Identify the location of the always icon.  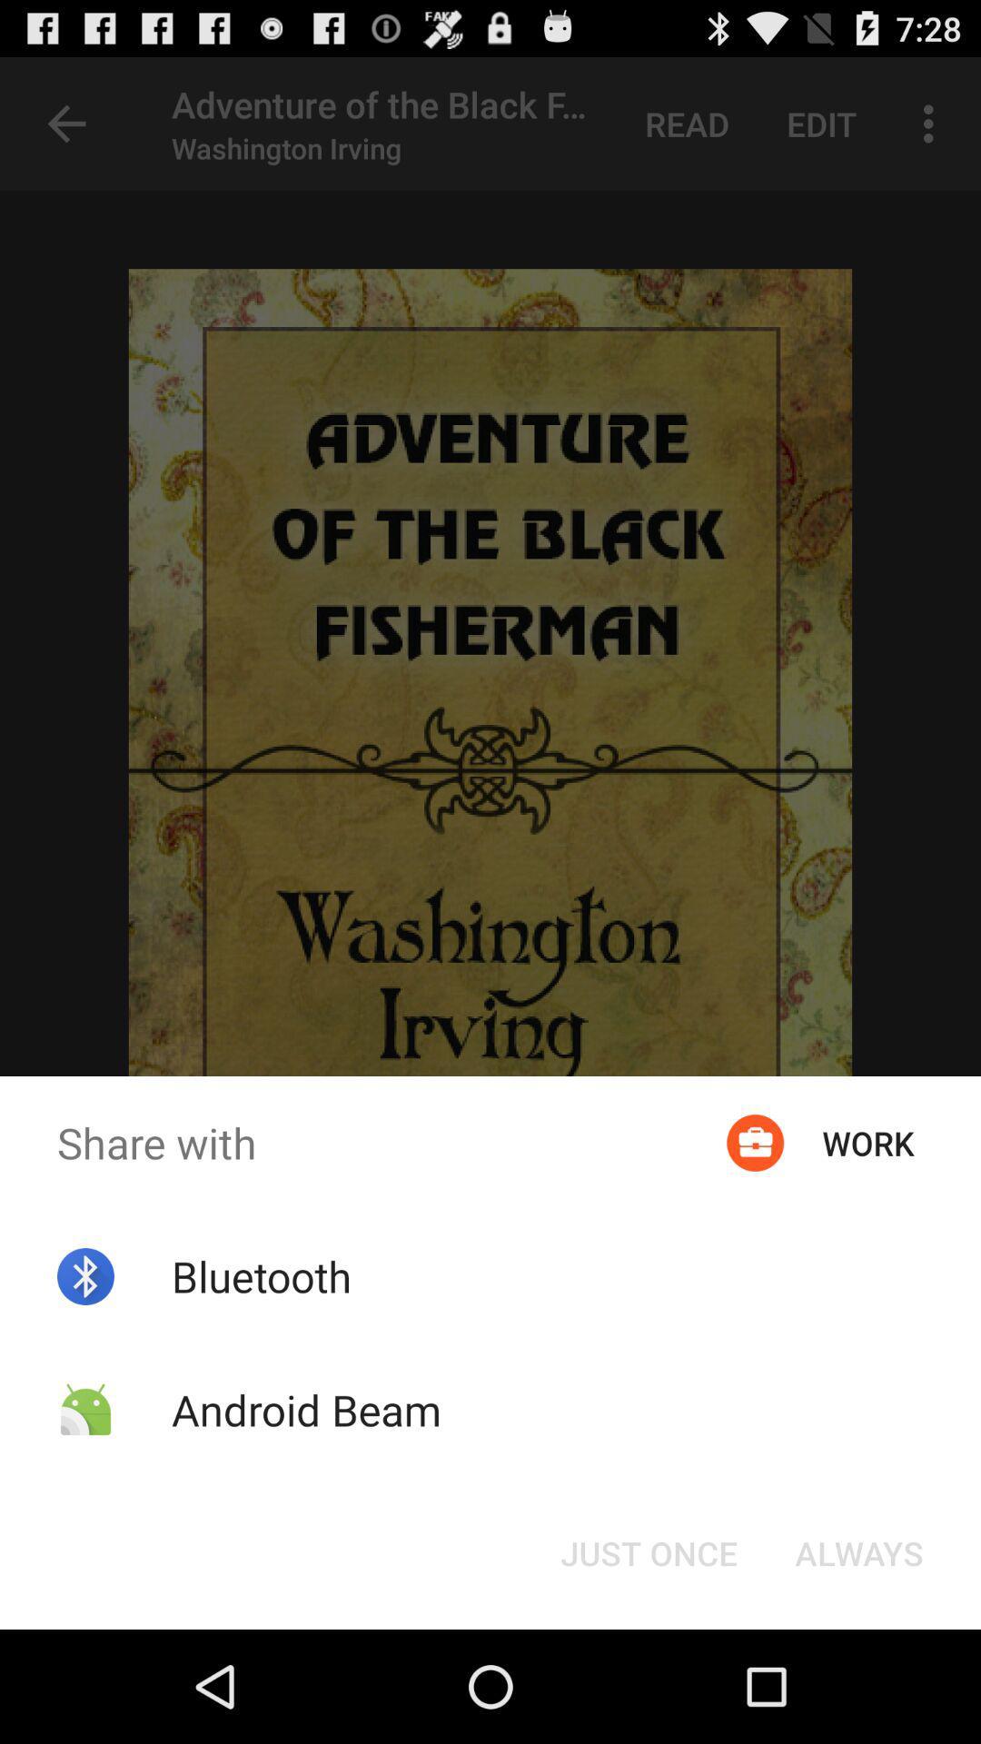
(858, 1551).